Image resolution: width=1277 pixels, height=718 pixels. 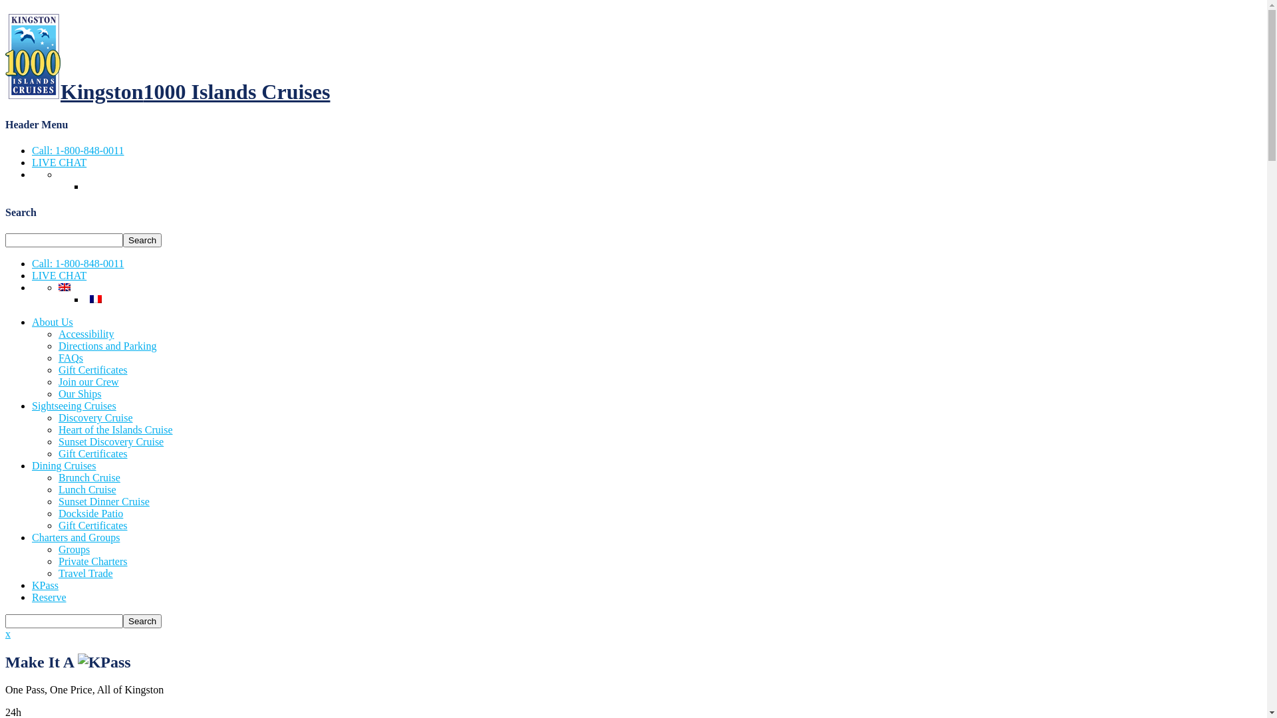 I want to click on 'Private Charters', so click(x=92, y=561).